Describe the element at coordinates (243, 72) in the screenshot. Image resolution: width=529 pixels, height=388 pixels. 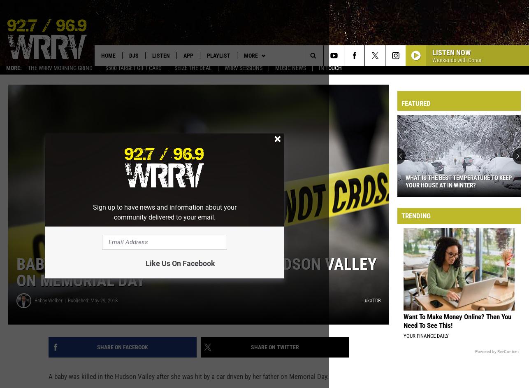
I see `'WRRV Sessions'` at that location.